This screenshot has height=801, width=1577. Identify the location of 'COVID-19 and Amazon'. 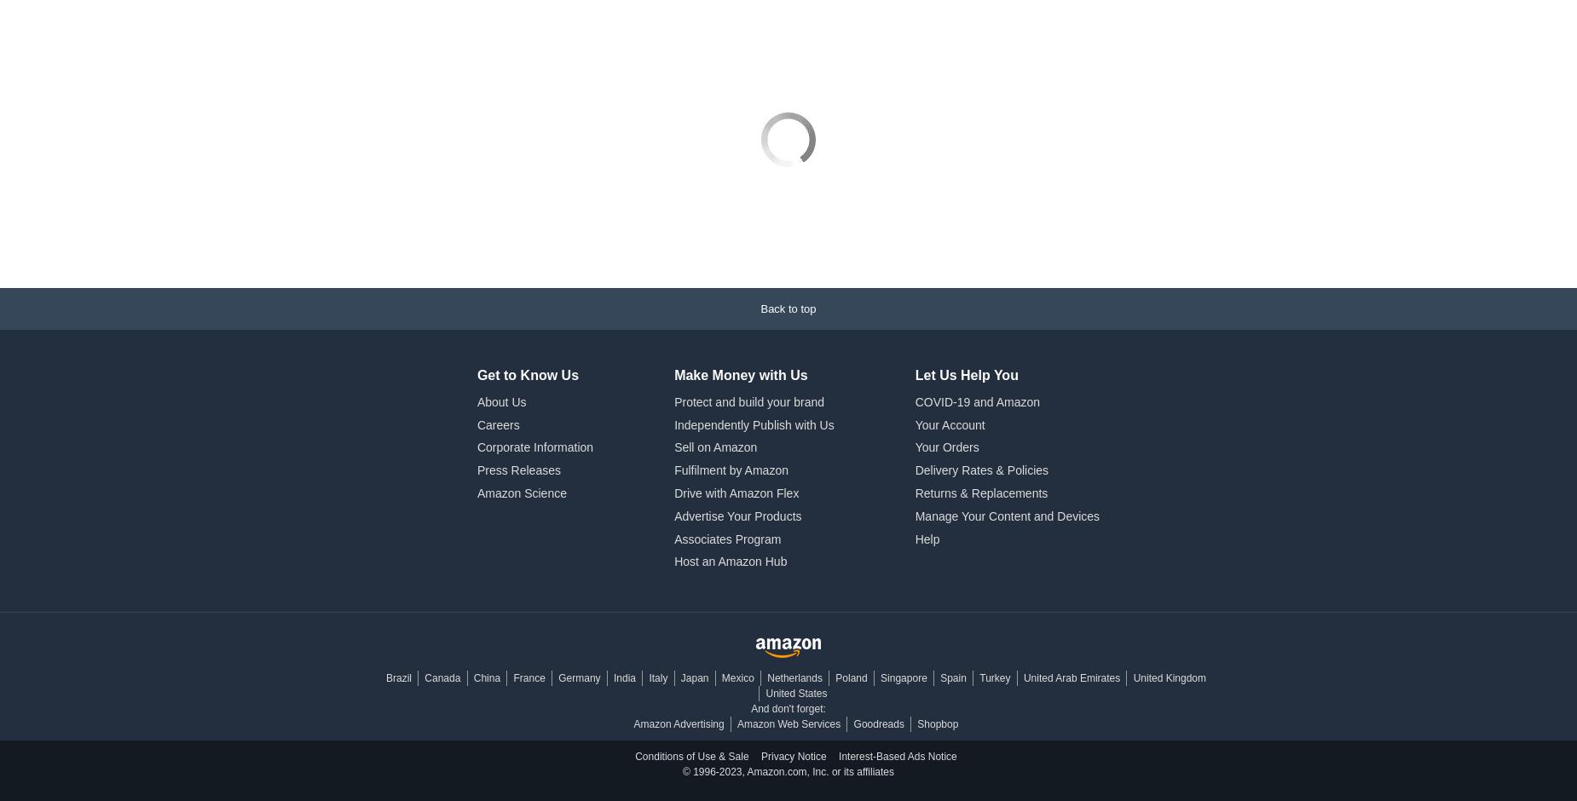
(976, 304).